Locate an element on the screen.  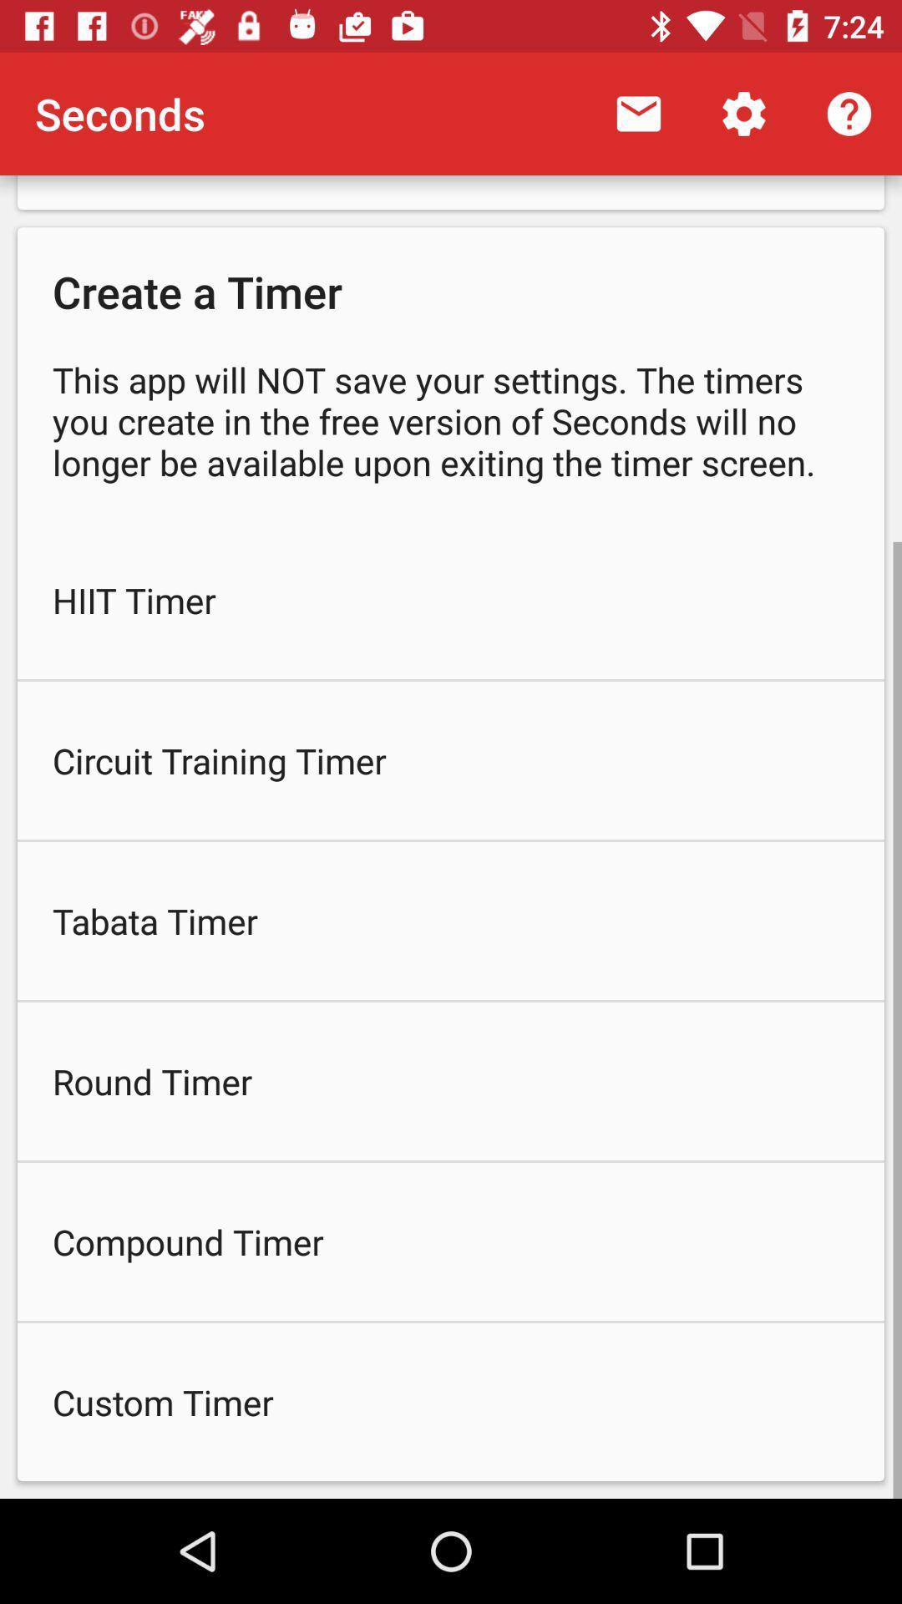
round timer is located at coordinates (451, 1081).